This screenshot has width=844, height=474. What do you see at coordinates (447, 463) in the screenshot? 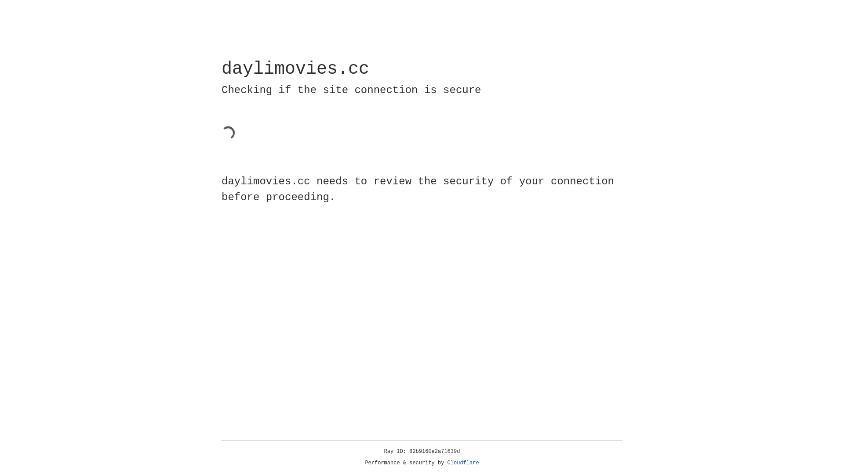
I see `'Cloudflare'` at bounding box center [447, 463].